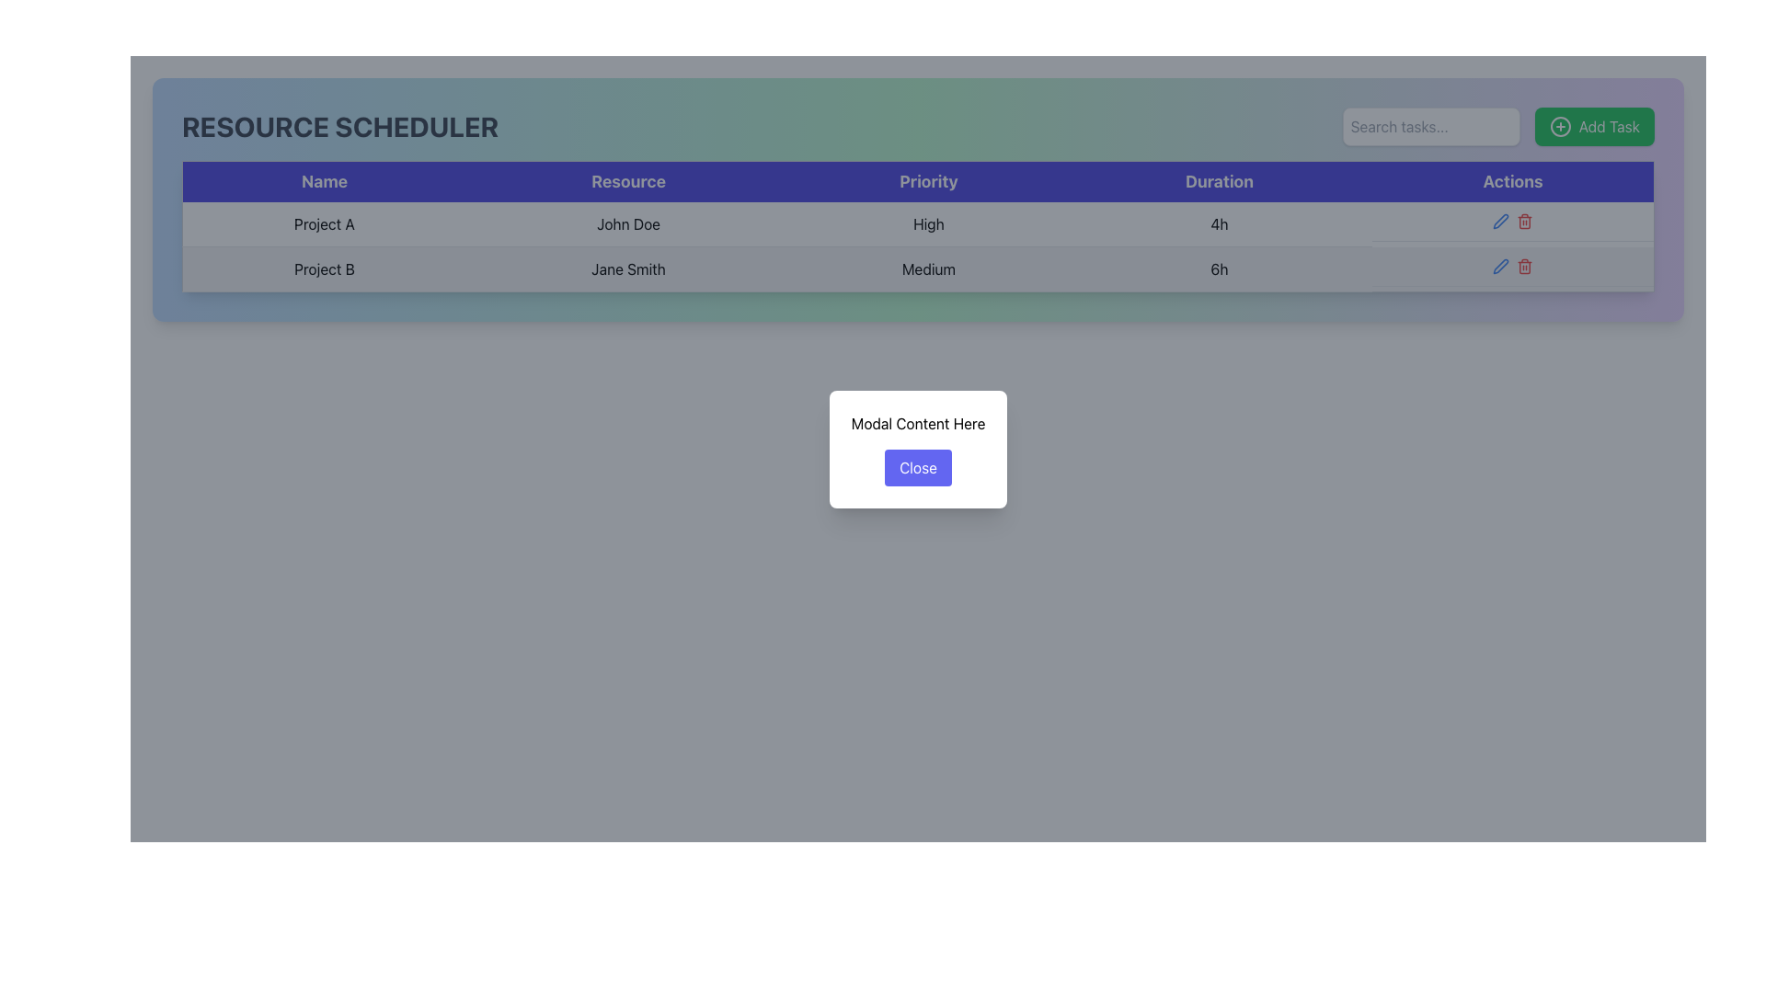 This screenshot has width=1766, height=993. I want to click on the static text element displaying '4h' within the fourth column of the first row under the 'Duration' heading in a table layout, so click(1219, 223).